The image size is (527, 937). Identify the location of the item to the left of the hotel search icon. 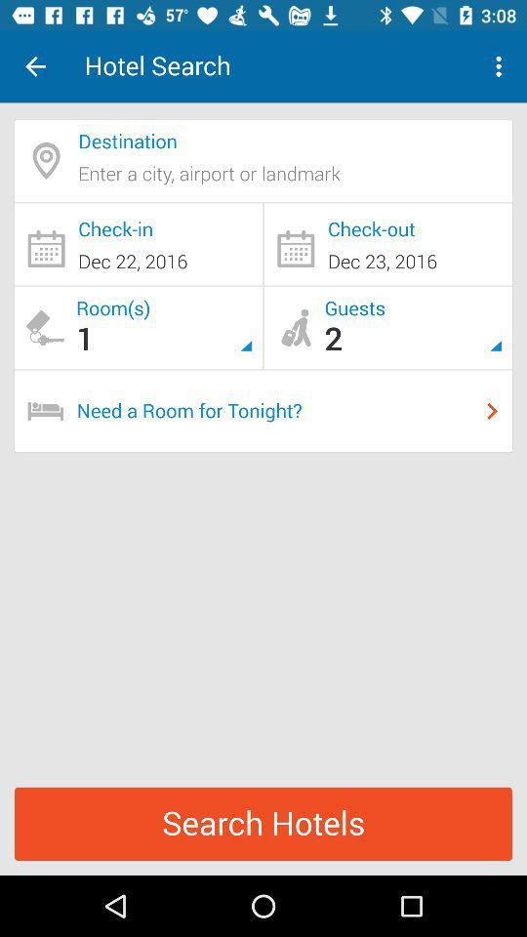
(35, 66).